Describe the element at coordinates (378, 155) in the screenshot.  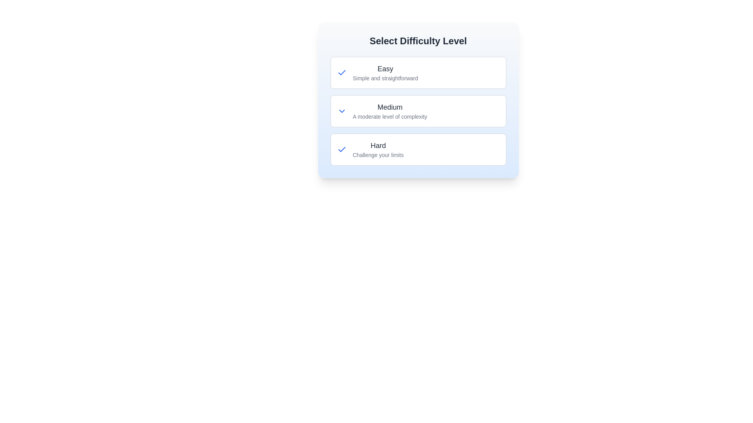
I see `the static text label that reads 'Challenge your limits', which is positioned beneath the text 'Hard' and is styled in smaller gray text` at that location.